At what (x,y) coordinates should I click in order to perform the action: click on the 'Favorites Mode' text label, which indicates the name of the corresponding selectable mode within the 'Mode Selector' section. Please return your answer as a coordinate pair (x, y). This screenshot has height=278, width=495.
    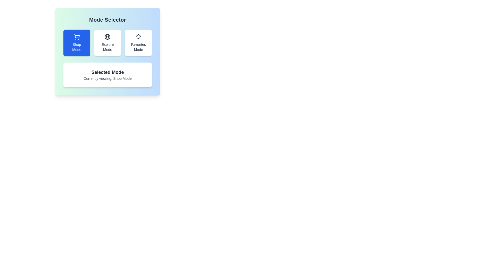
    Looking at the image, I should click on (138, 47).